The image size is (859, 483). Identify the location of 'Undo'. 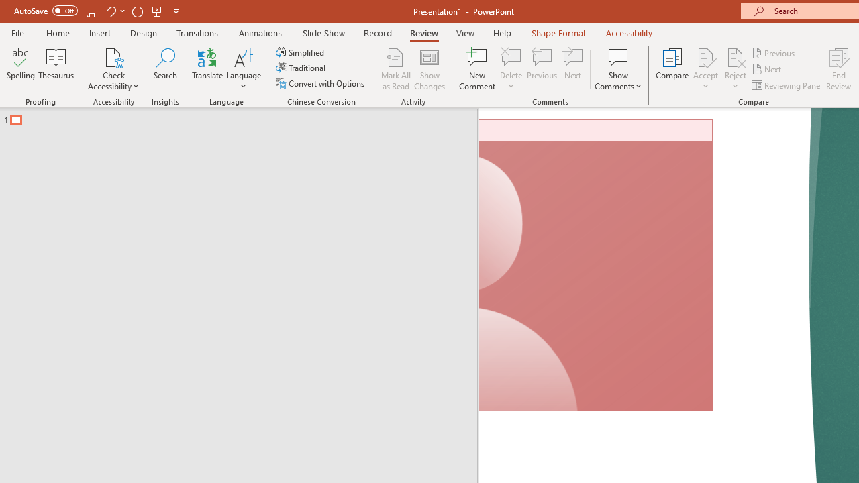
(114, 11).